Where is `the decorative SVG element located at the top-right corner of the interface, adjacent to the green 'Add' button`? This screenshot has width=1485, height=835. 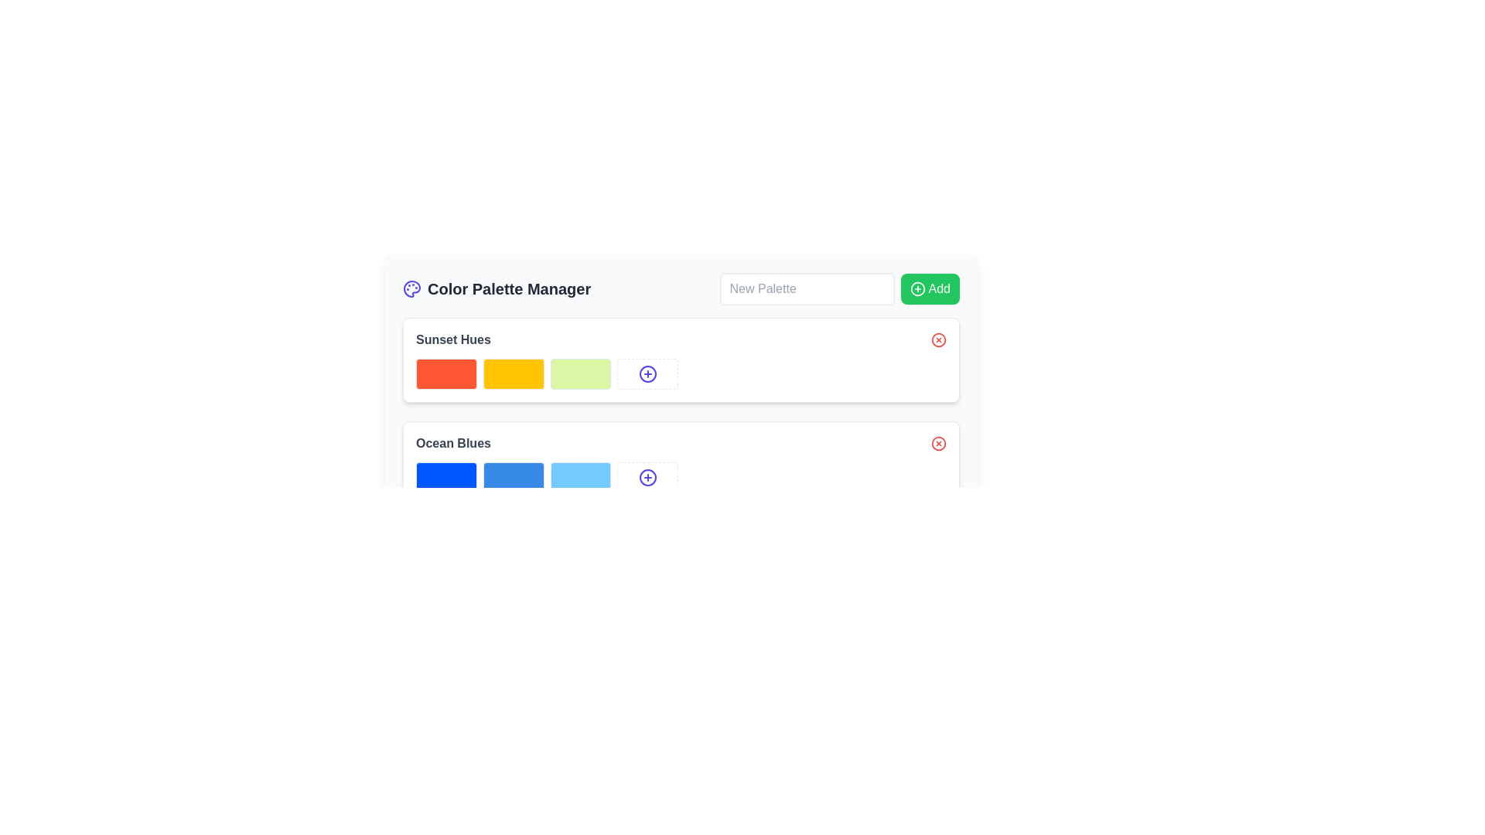 the decorative SVG element located at the top-right corner of the interface, adjacent to the green 'Add' button is located at coordinates (917, 289).